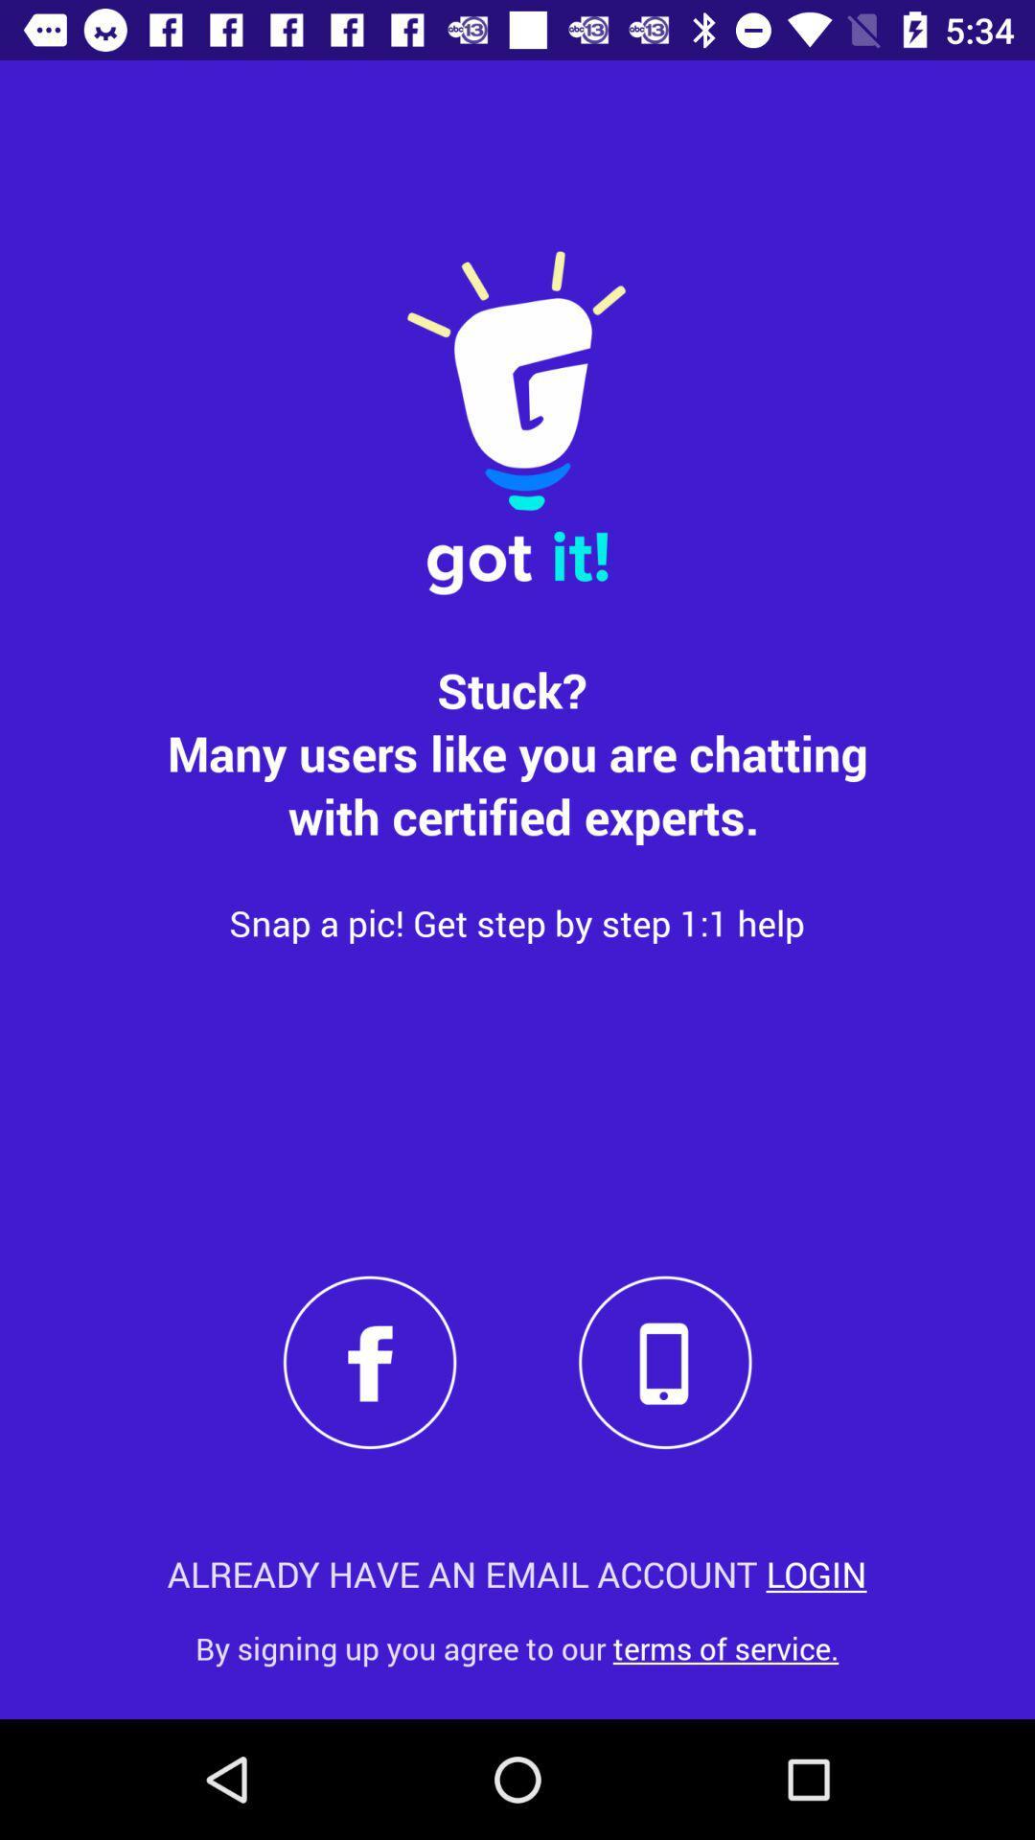 The height and width of the screenshot is (1840, 1035). What do you see at coordinates (664, 1361) in the screenshot?
I see `phone` at bounding box center [664, 1361].